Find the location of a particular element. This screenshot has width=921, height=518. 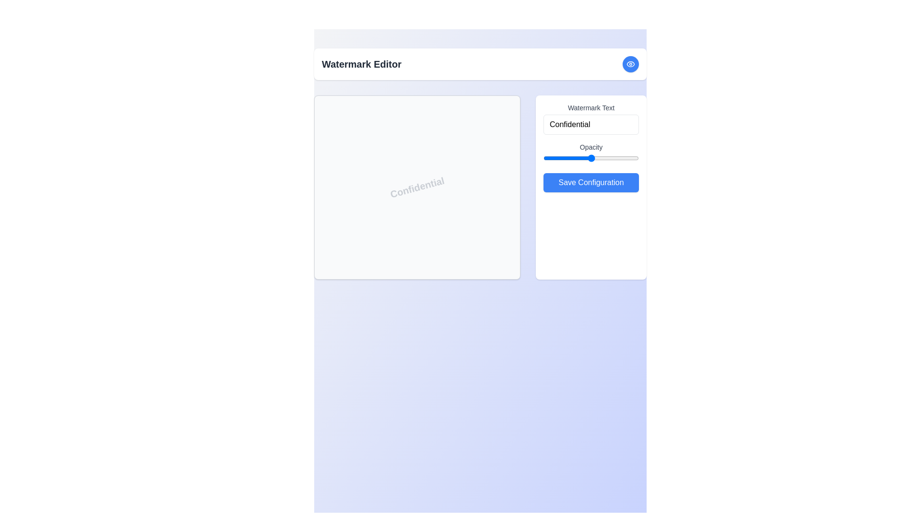

the save button on the watermark properties control panel to apply changes is located at coordinates (590, 187).